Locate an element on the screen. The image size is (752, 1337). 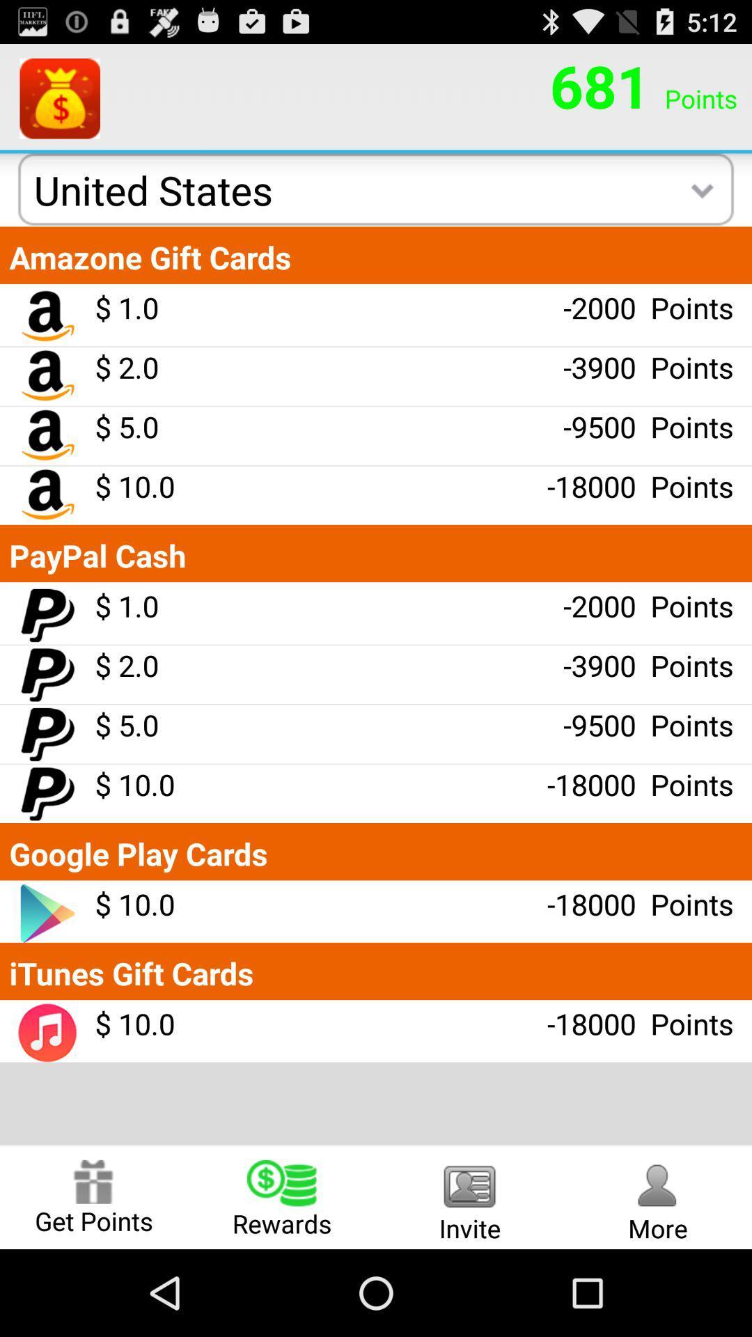
radio button next to the get points radio button is located at coordinates (282, 1196).